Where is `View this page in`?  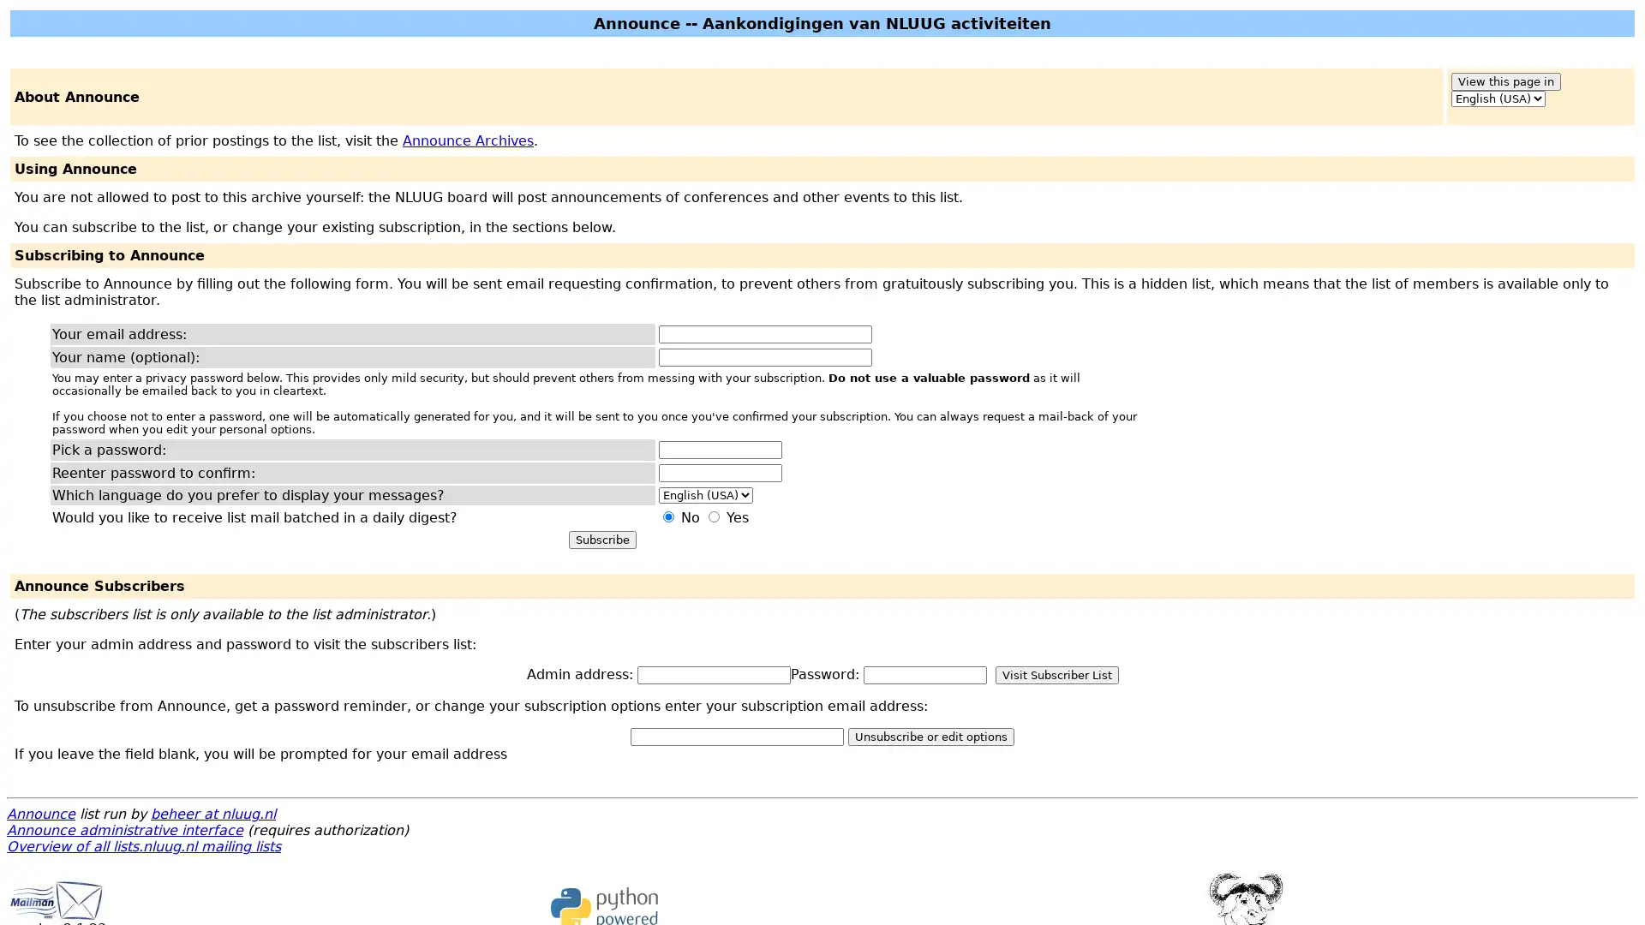
View this page in is located at coordinates (1504, 81).